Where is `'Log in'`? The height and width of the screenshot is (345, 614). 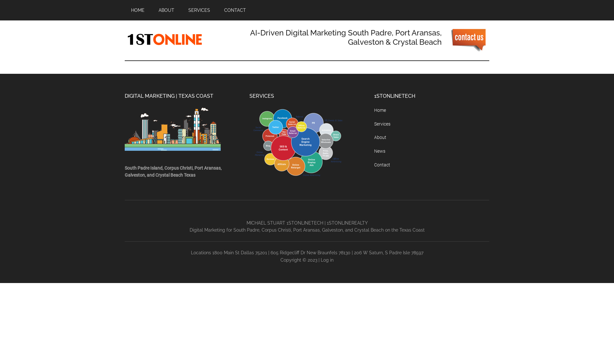
'Log in' is located at coordinates (327, 260).